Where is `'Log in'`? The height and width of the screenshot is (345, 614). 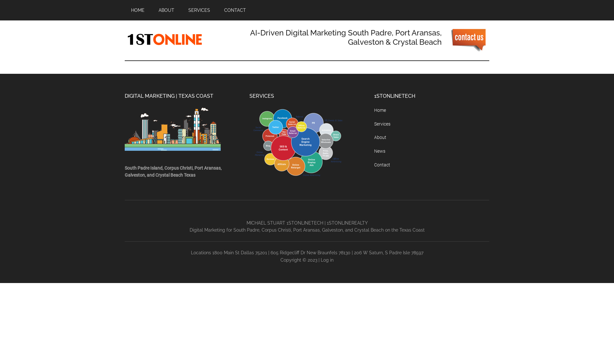
'Log in' is located at coordinates (327, 260).